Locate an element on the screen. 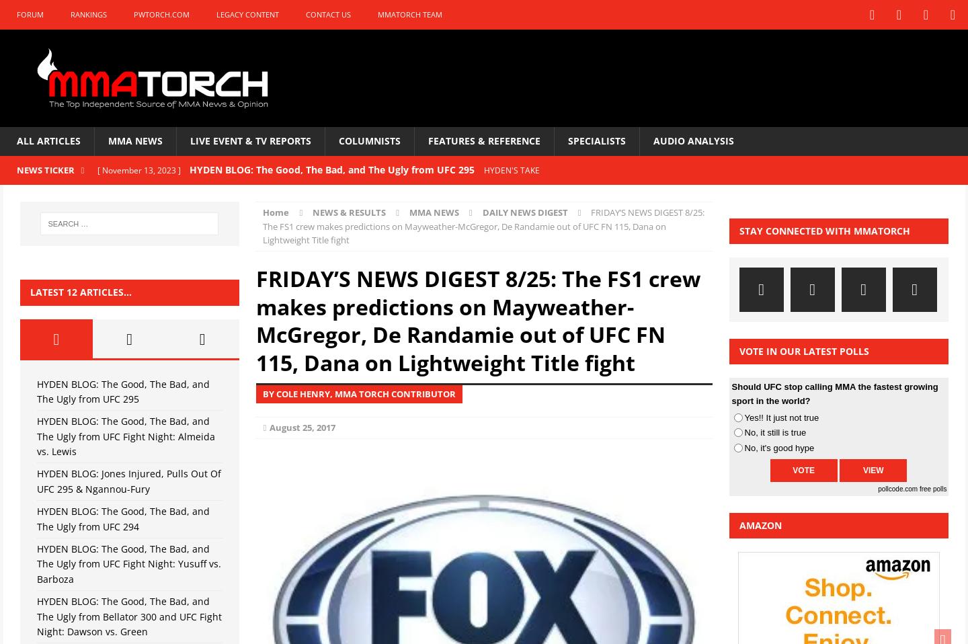  'STAY CONNECTED WITH MMATORCH' is located at coordinates (823, 229).